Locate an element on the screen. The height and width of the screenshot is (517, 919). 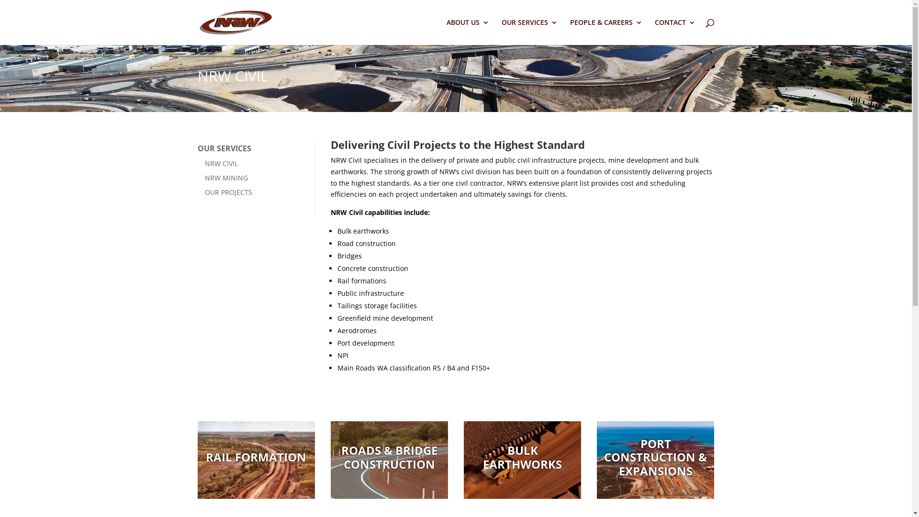
'ROADS & BRIDGE CONSTRUCTION' is located at coordinates (390, 457).